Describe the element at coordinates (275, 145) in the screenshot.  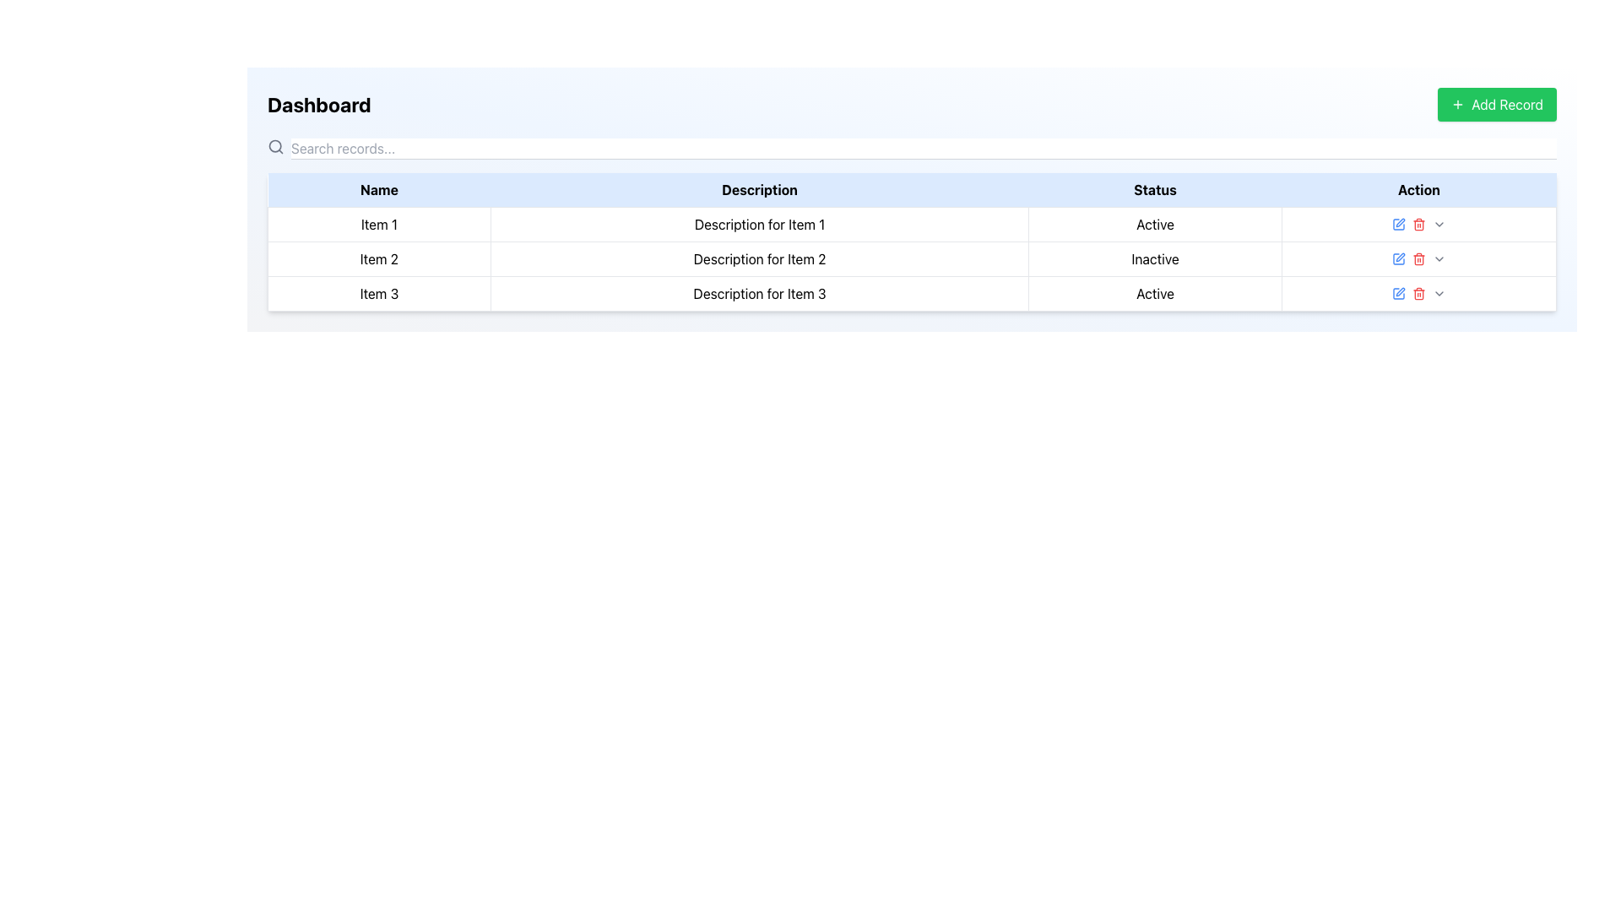
I see `the magnifying glass icon located on the left side of the horizontal bar to initiate a search` at that location.